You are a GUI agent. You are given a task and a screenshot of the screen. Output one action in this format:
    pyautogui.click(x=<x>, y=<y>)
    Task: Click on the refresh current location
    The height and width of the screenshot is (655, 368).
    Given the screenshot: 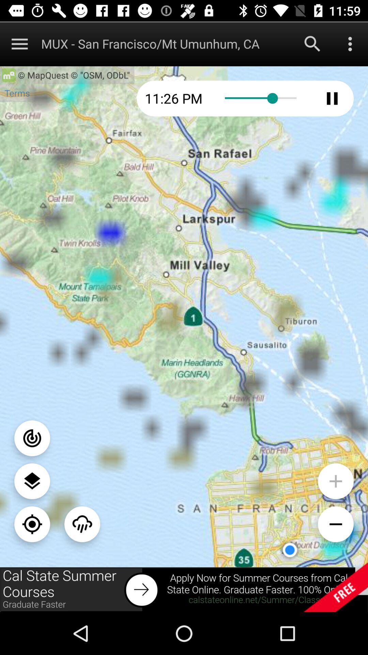 What is the action you would take?
    pyautogui.click(x=32, y=524)
    